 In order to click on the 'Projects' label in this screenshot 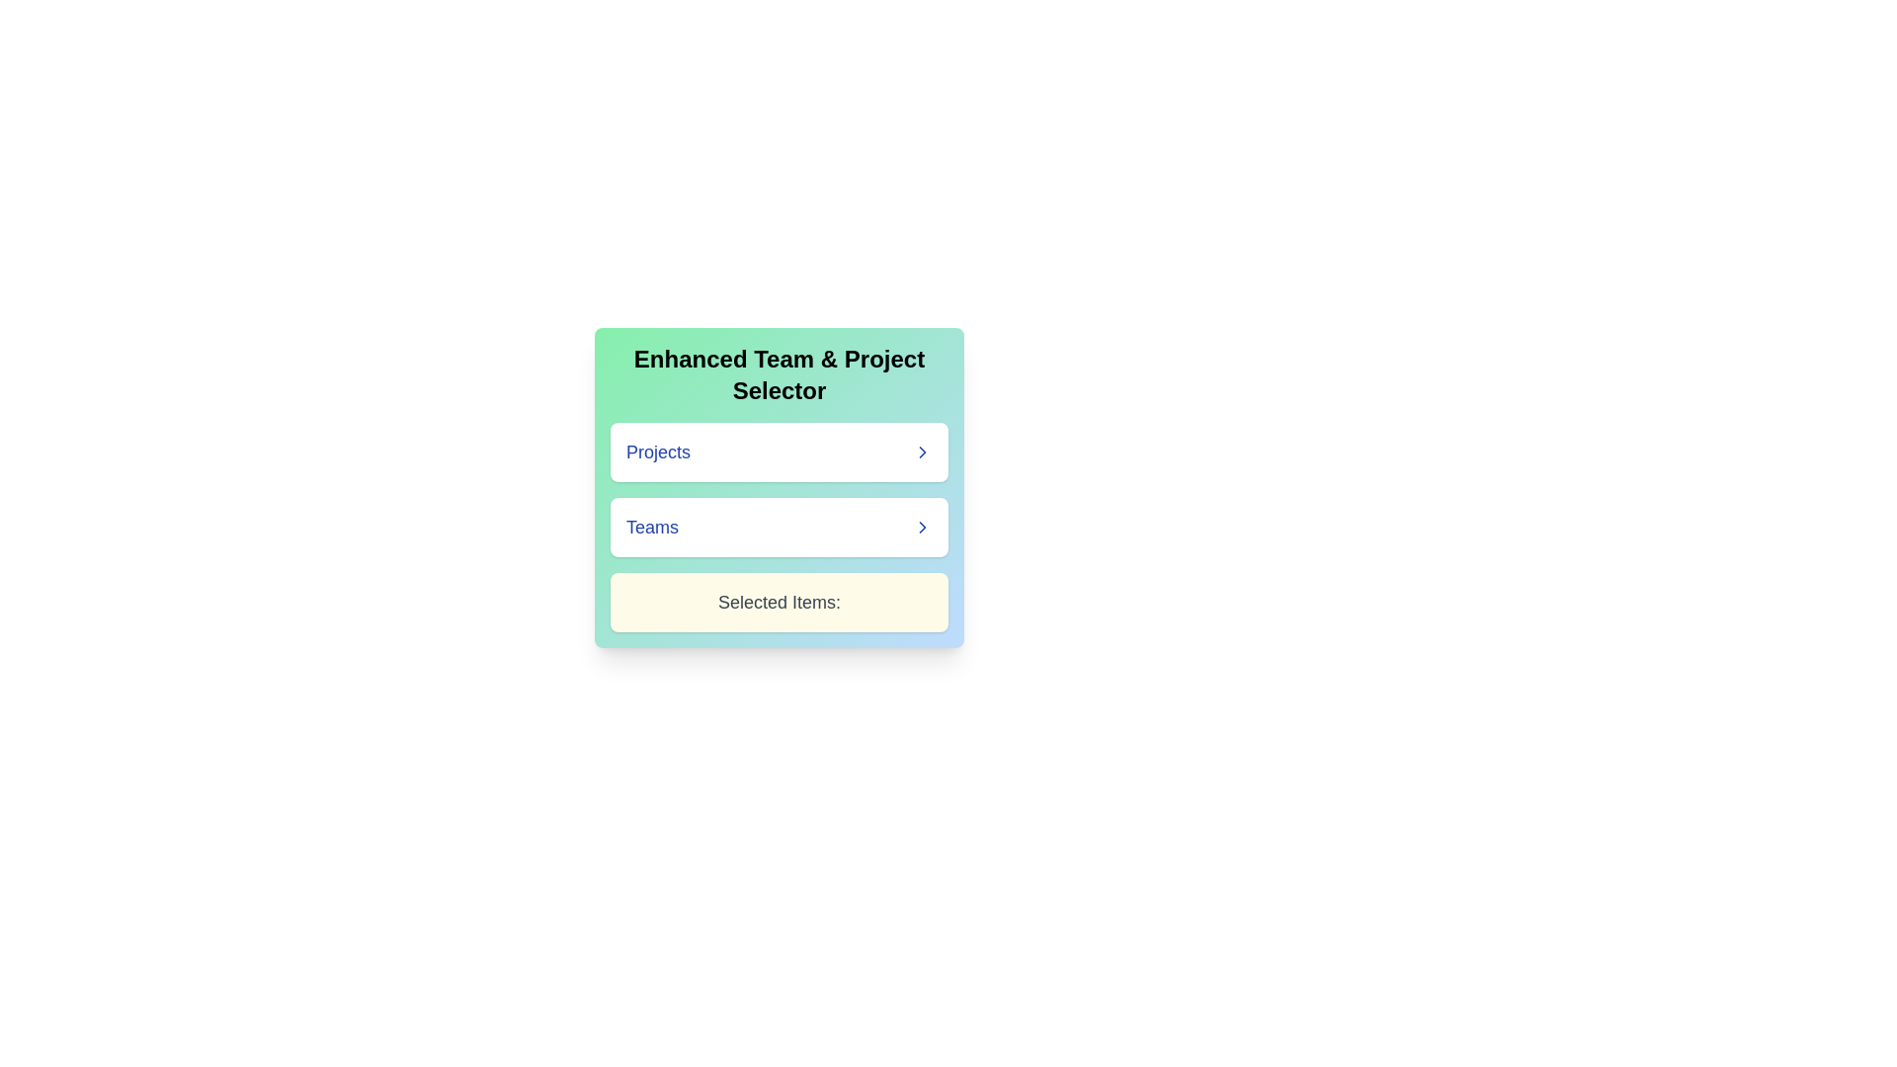, I will do `click(658, 452)`.